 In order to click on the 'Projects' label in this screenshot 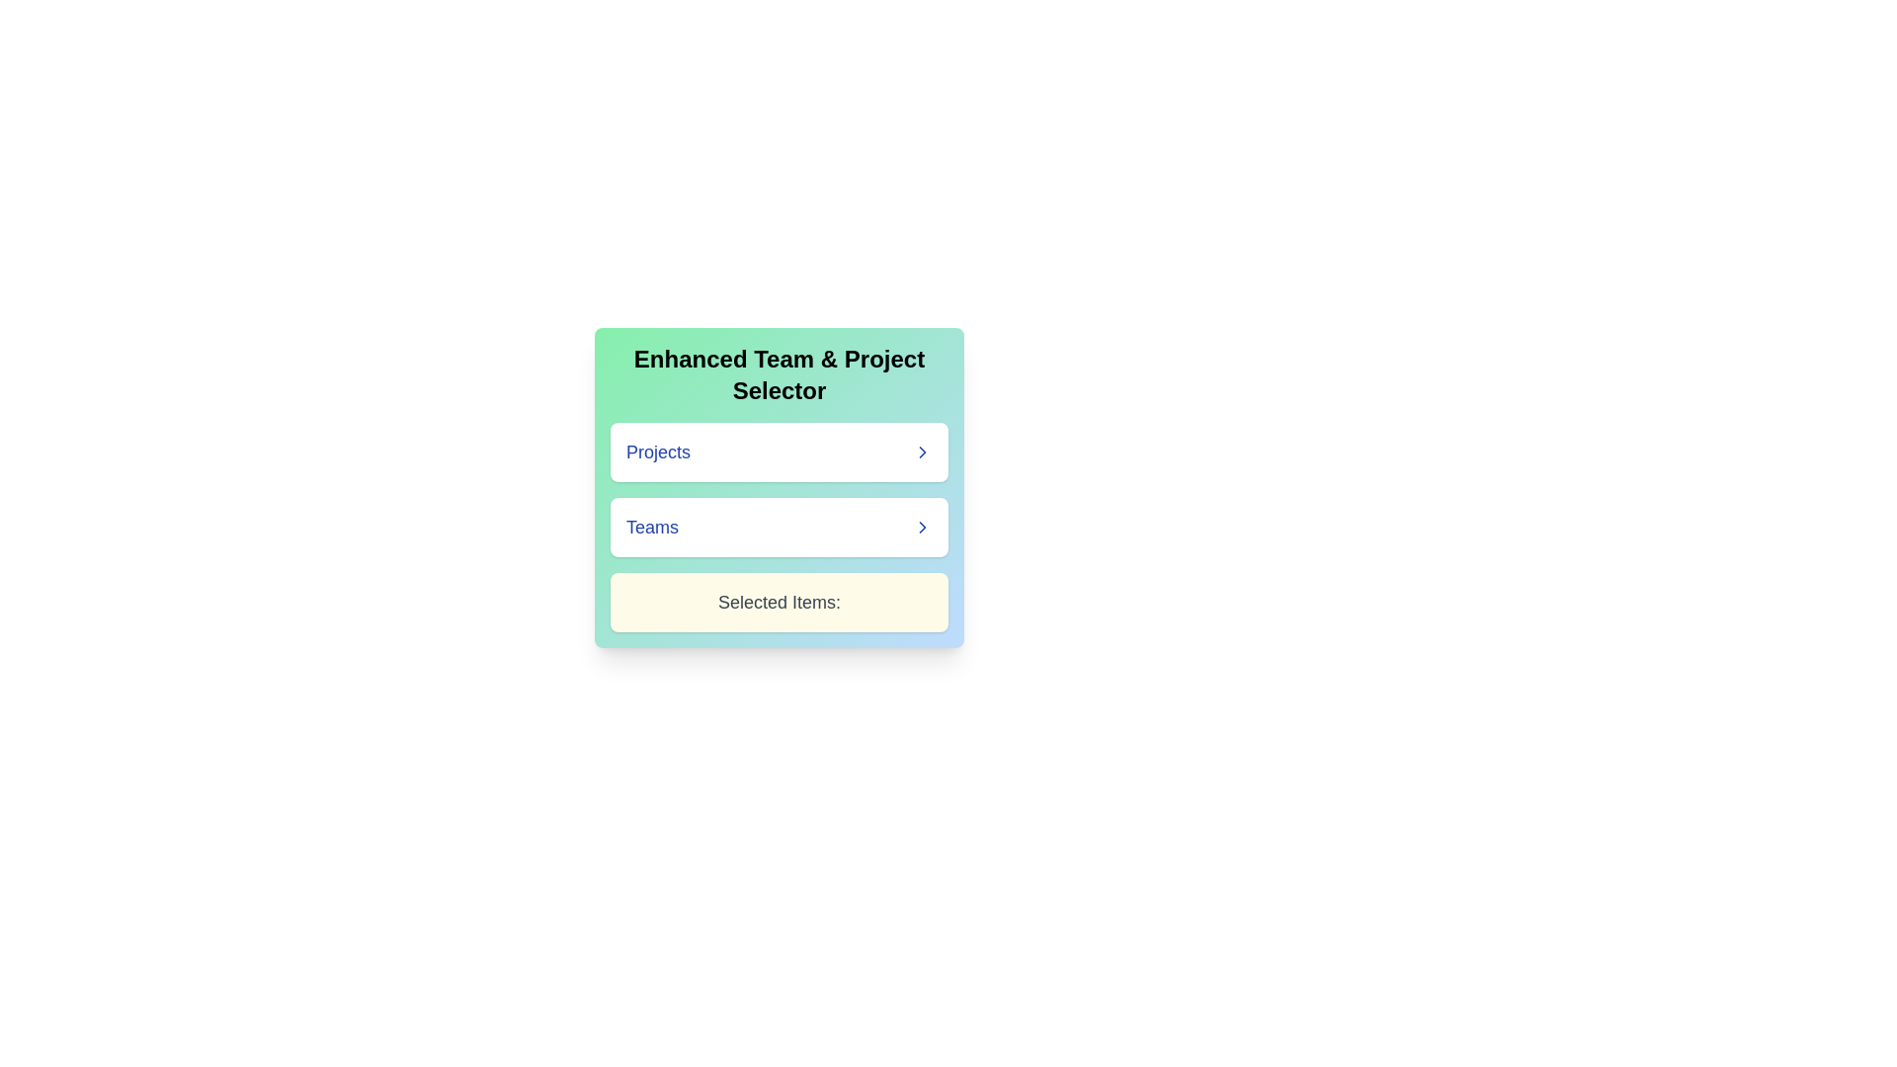, I will do `click(658, 452)`.